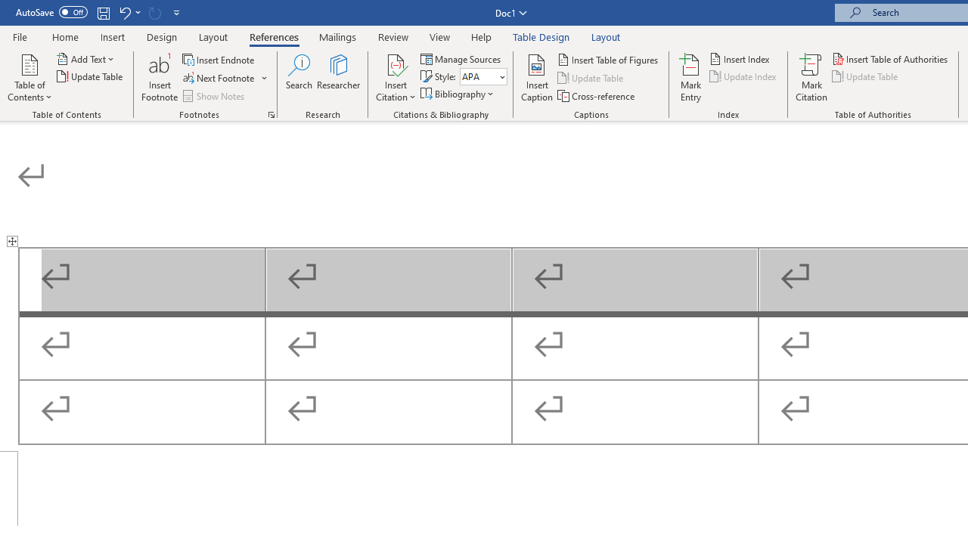 The height and width of the screenshot is (544, 968). I want to click on 'Update Table', so click(866, 76).